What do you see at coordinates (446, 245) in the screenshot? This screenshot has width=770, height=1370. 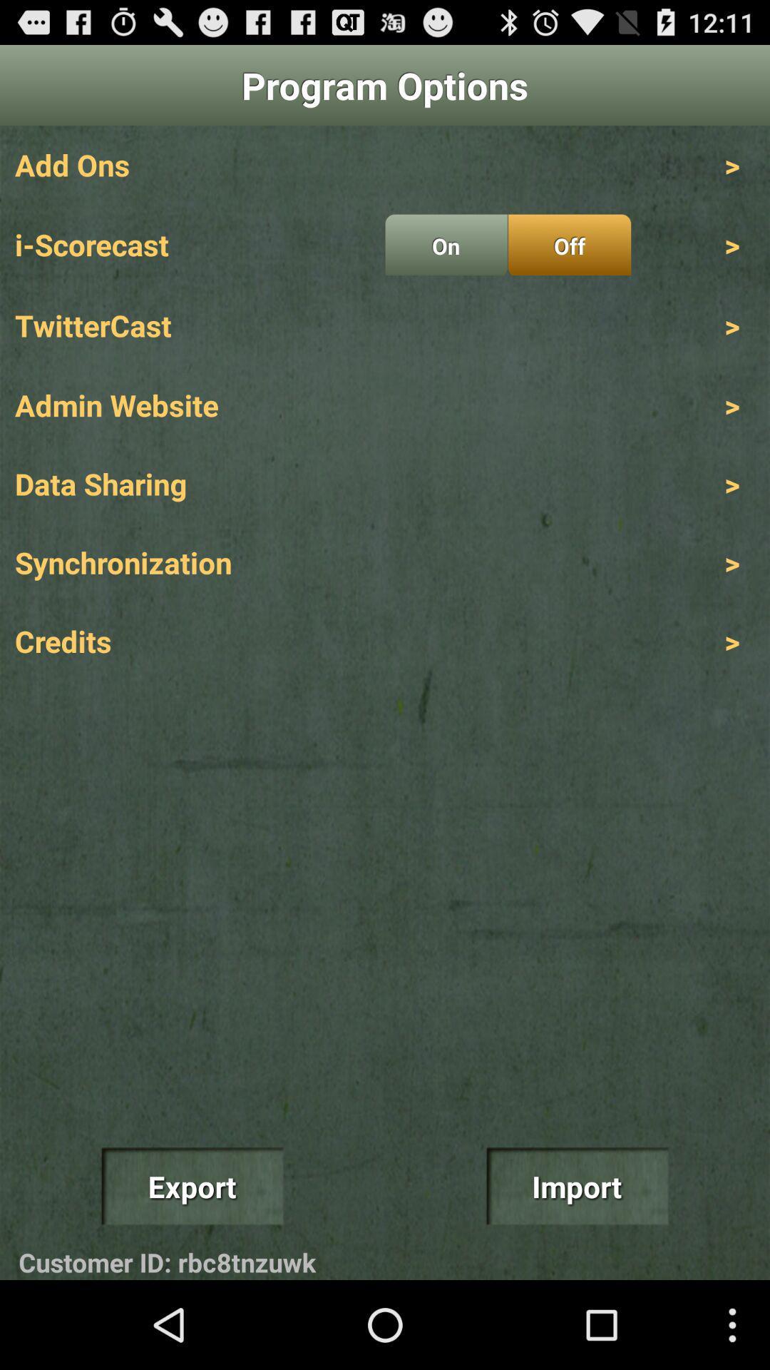 I see `the item below the add ons item` at bounding box center [446, 245].